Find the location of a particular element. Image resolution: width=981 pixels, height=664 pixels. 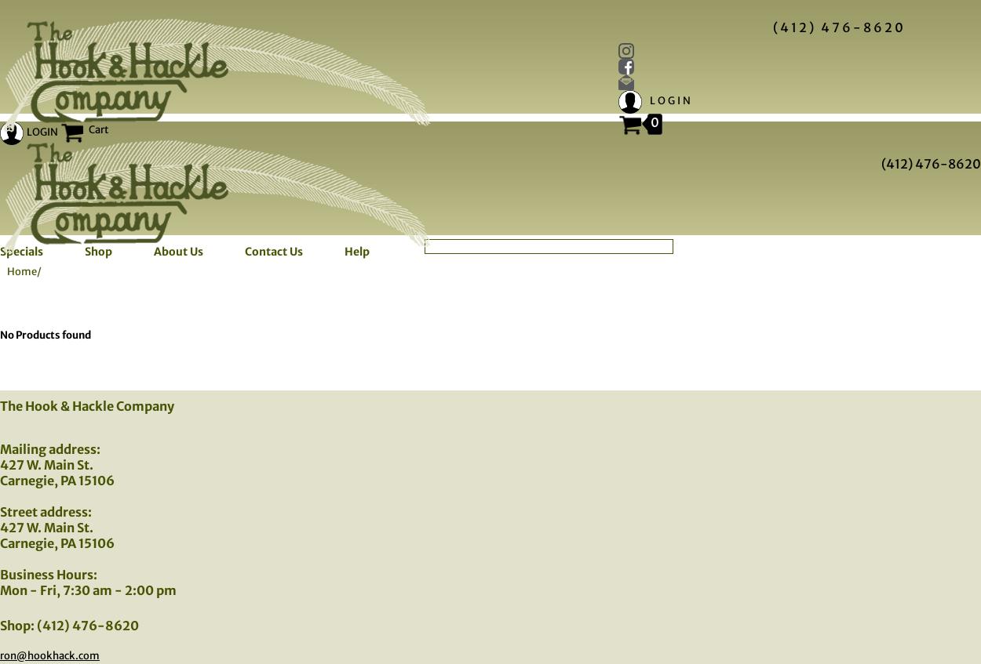

'The Hook & Hackle Company' is located at coordinates (0, 405).